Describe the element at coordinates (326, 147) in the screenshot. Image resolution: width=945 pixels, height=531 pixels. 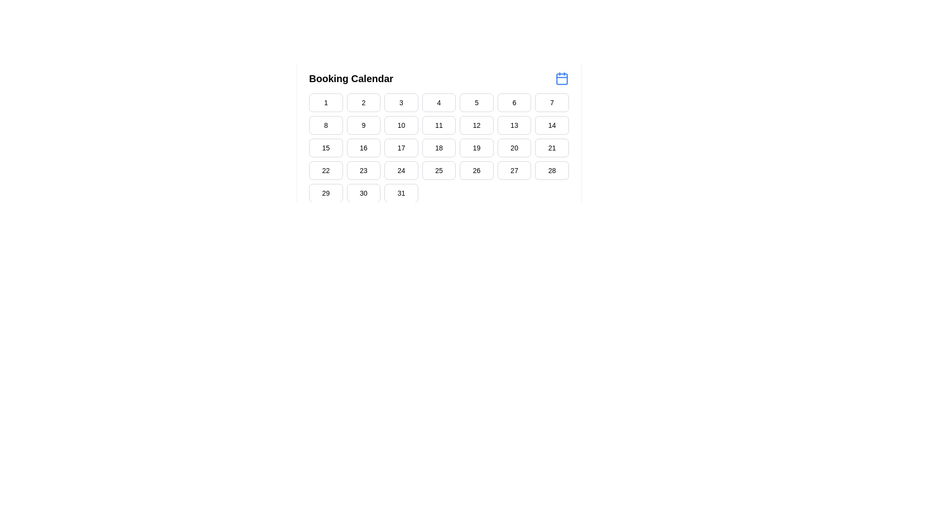
I see `the button representing the 15th day in the booking calendar` at that location.